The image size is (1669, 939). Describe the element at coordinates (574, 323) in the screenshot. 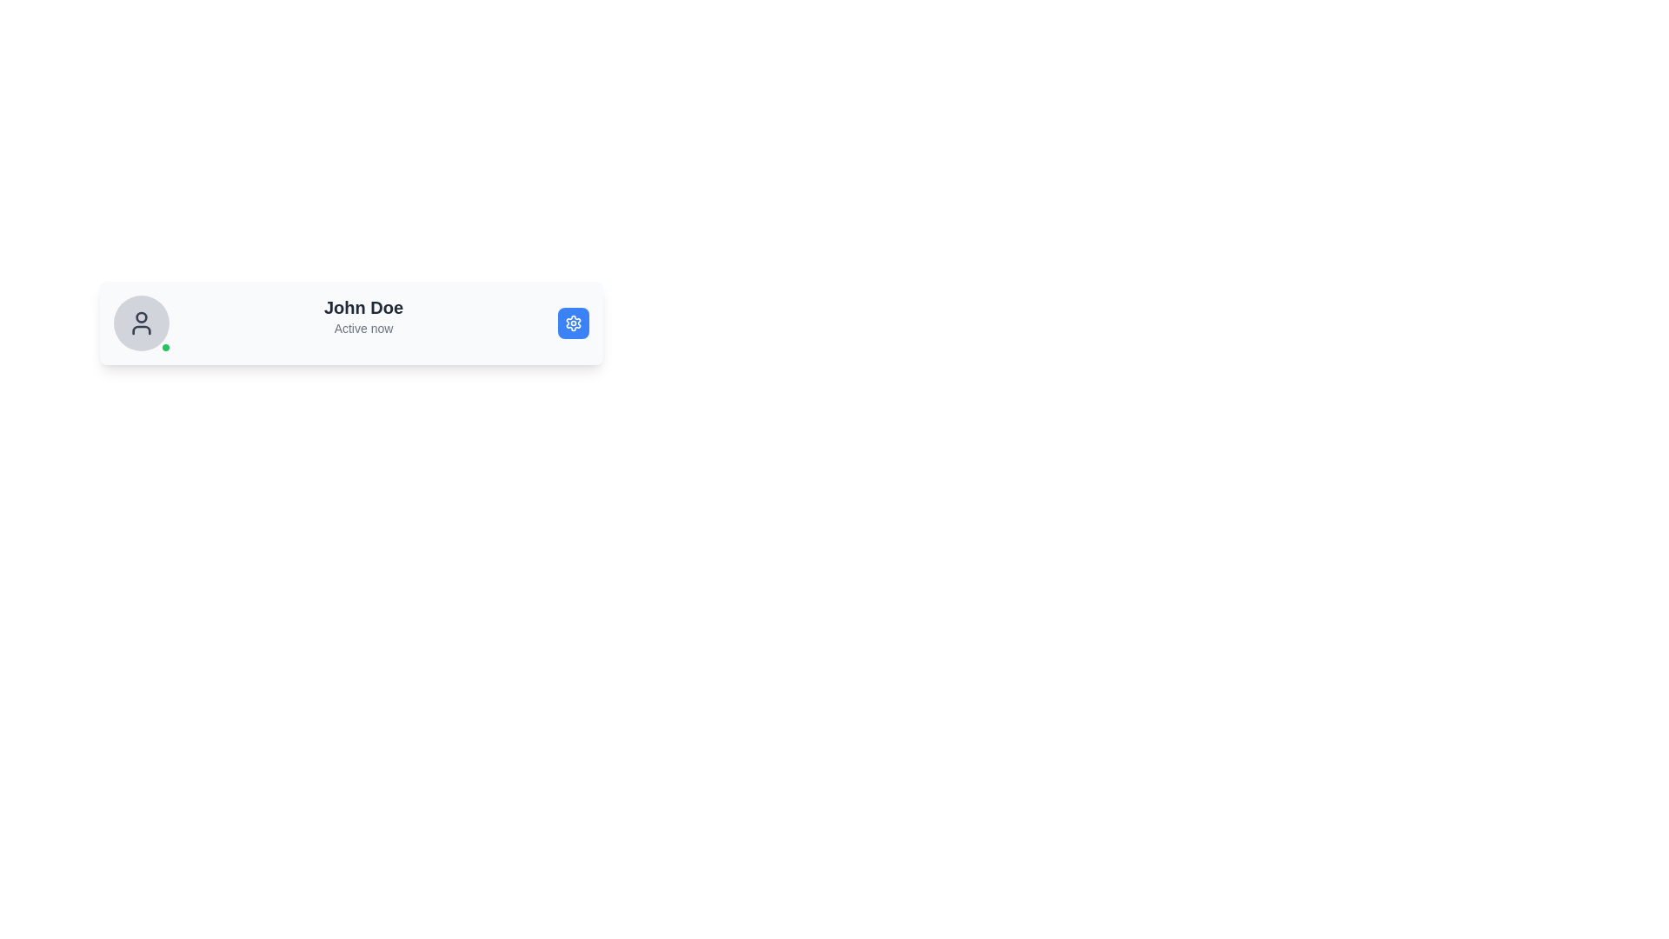

I see `the settings icon located at the rightmost side of the blue interactive button on the user information card` at that location.